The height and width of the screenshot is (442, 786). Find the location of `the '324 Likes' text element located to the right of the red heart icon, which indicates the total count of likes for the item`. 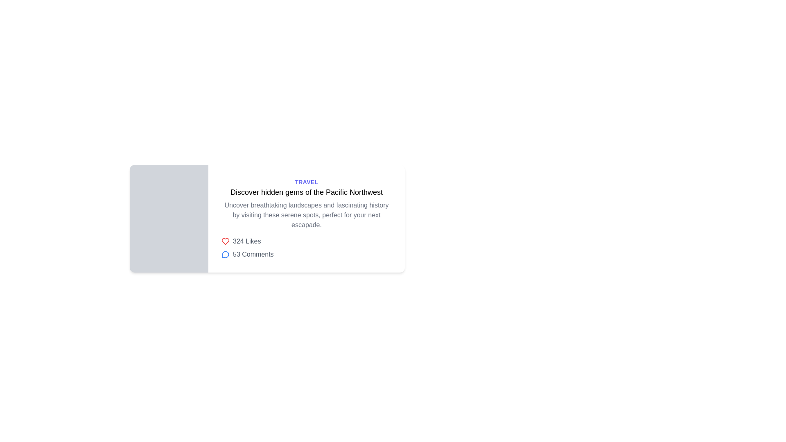

the '324 Likes' text element located to the right of the red heart icon, which indicates the total count of likes for the item is located at coordinates (306, 241).